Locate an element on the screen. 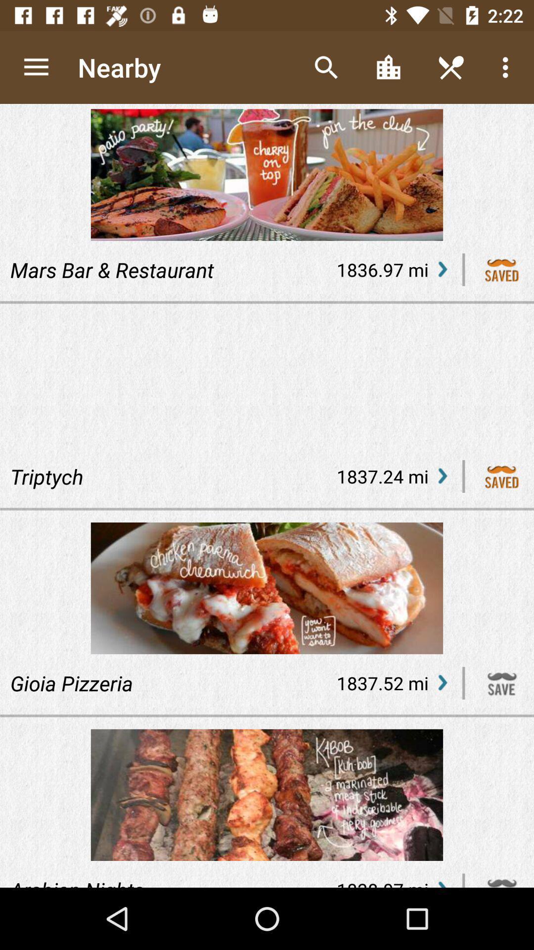 This screenshot has height=950, width=534. save is located at coordinates (502, 682).